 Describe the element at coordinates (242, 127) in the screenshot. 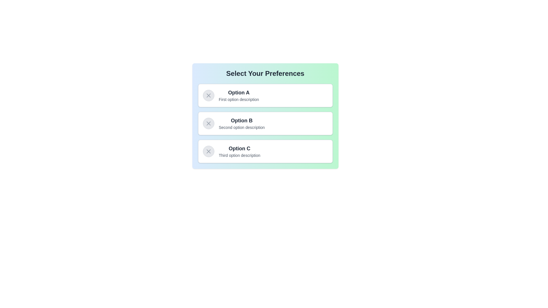

I see `the text label displaying 'Second option description', which is located below 'Option B' in a three-option list` at that location.